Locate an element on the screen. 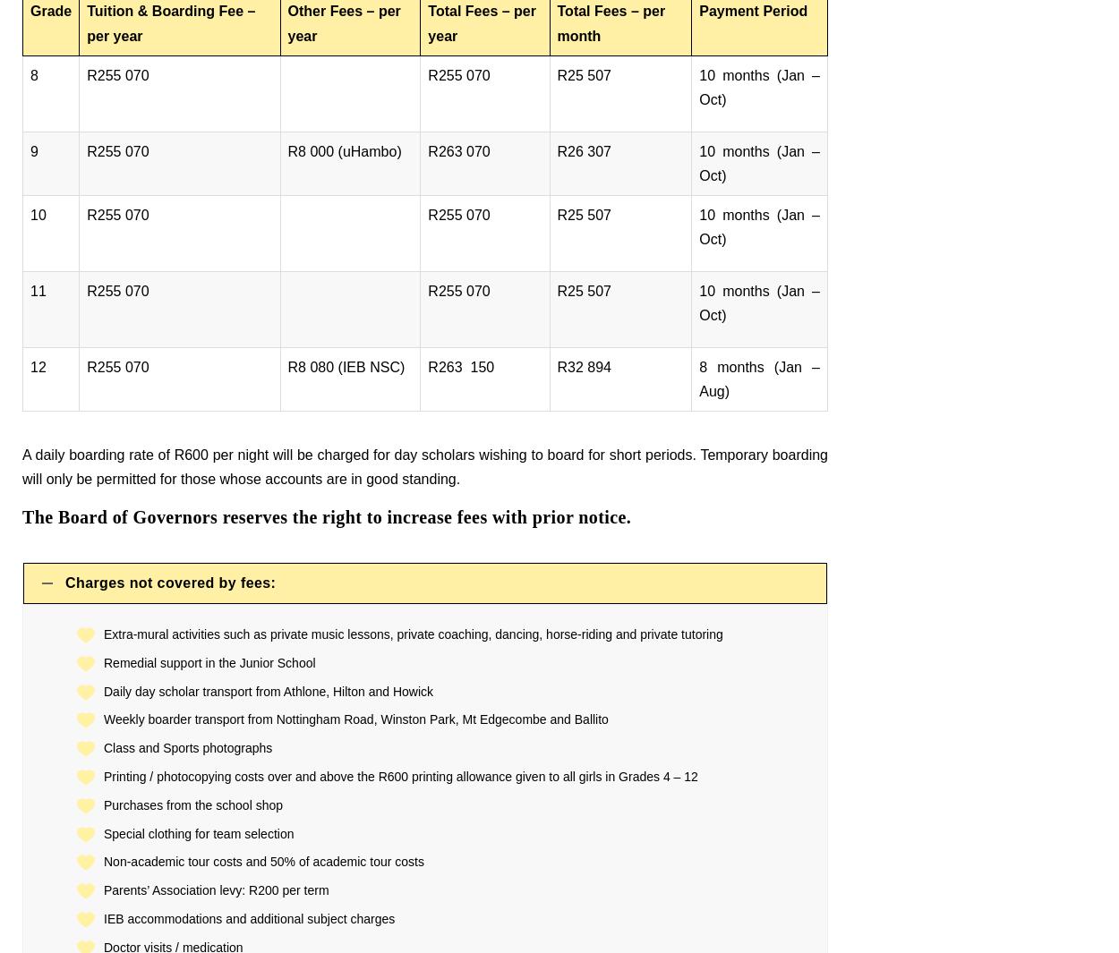 The height and width of the screenshot is (953, 1119). 'Class and Sports photographs' is located at coordinates (187, 748).